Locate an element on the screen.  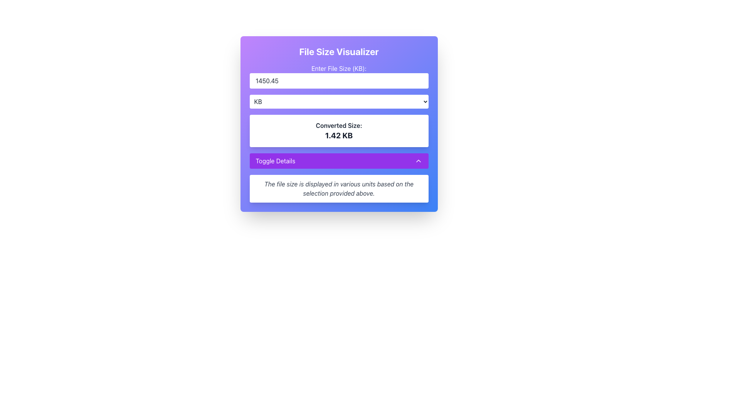
the Text Label that instructs users to input the file size in kilobytes, positioned above the number input field is located at coordinates (339, 68).